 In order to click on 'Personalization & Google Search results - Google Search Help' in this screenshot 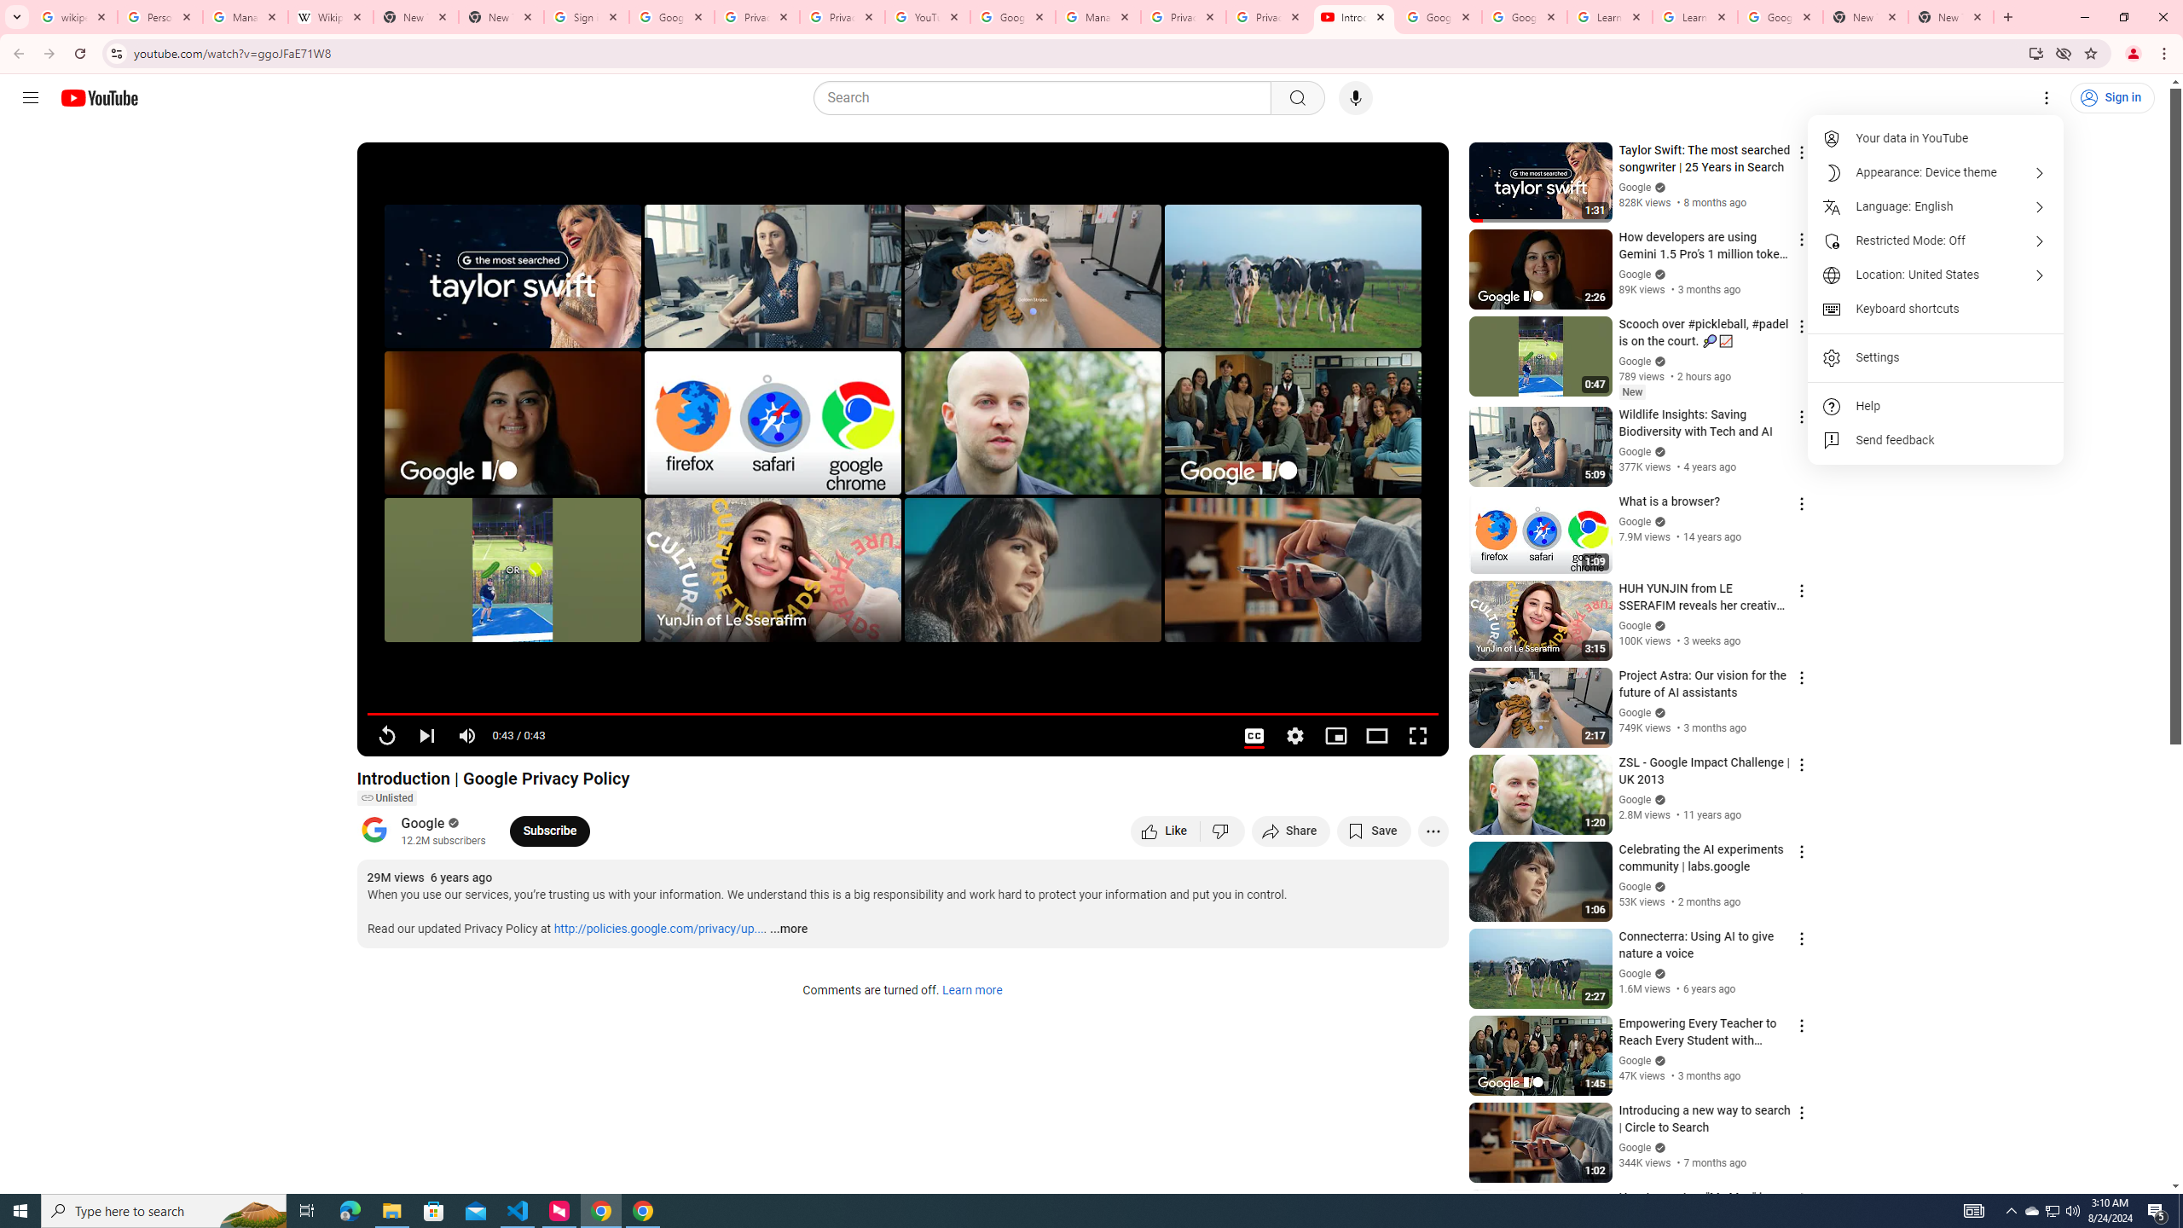, I will do `click(159, 16)`.